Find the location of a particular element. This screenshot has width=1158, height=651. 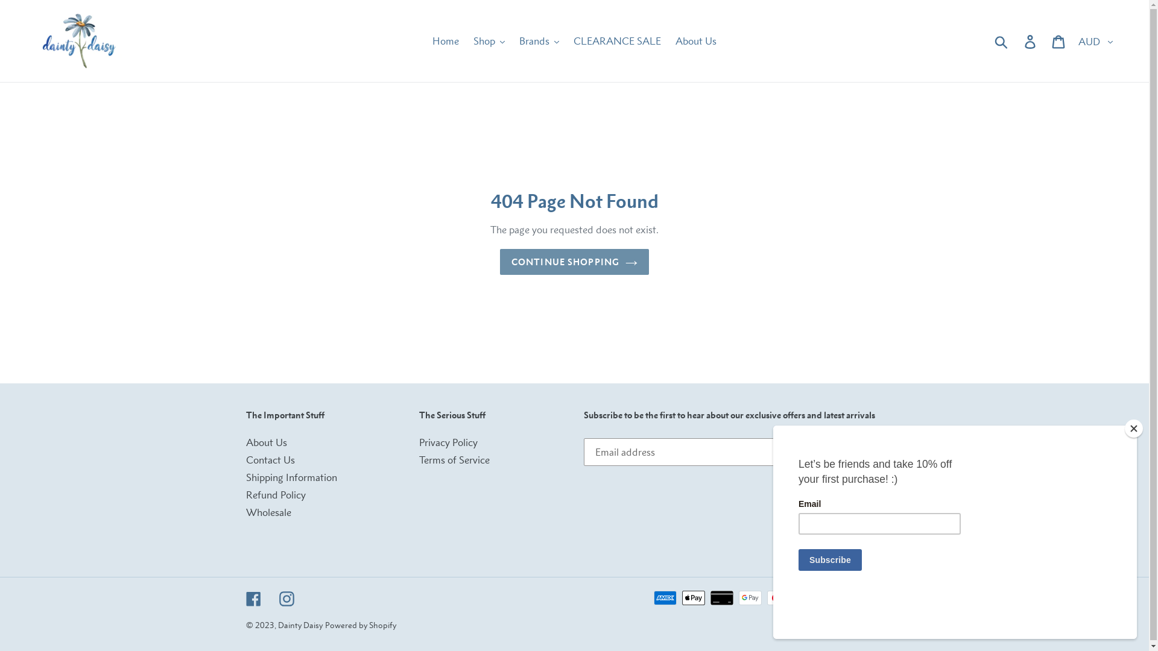

'Terms of Service' is located at coordinates (454, 460).